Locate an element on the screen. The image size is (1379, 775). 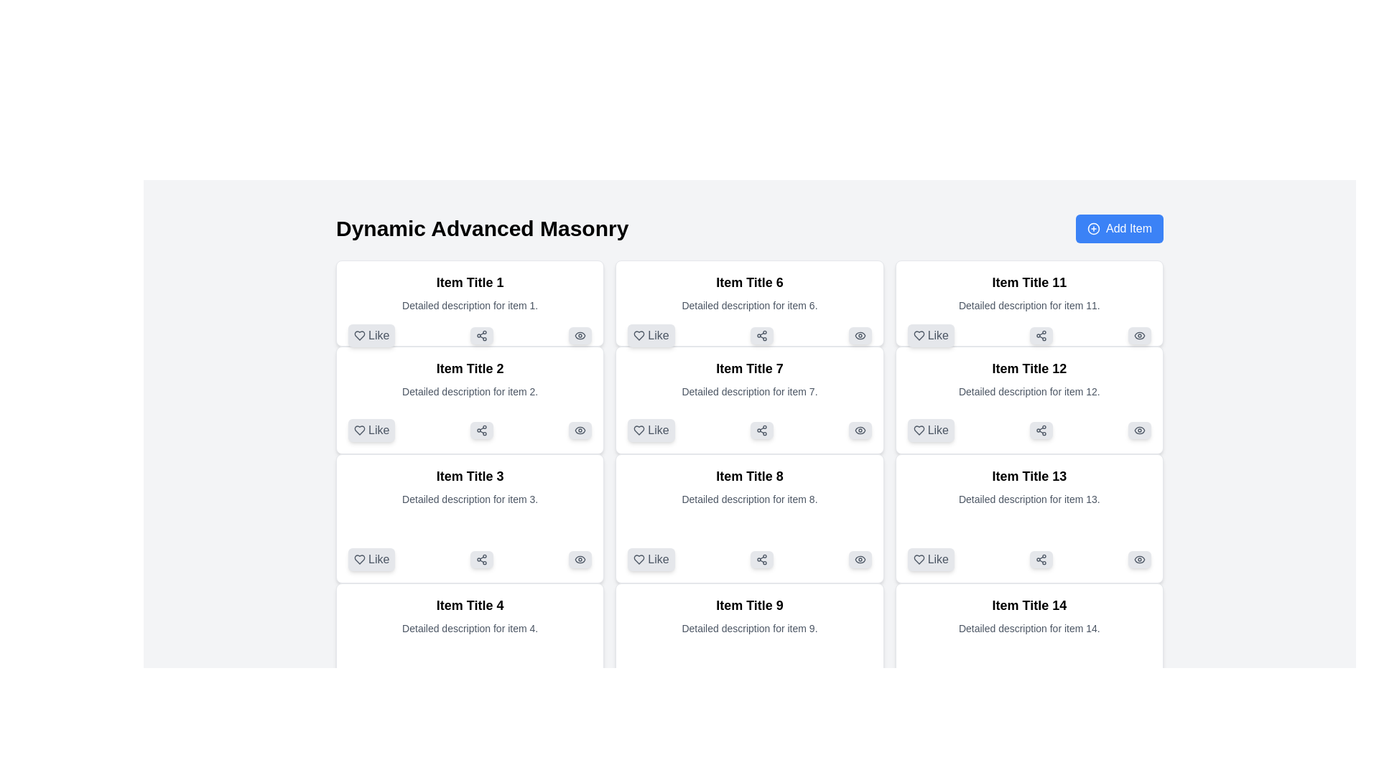
the text element displaying 'Item Title 6' is located at coordinates (748, 282).